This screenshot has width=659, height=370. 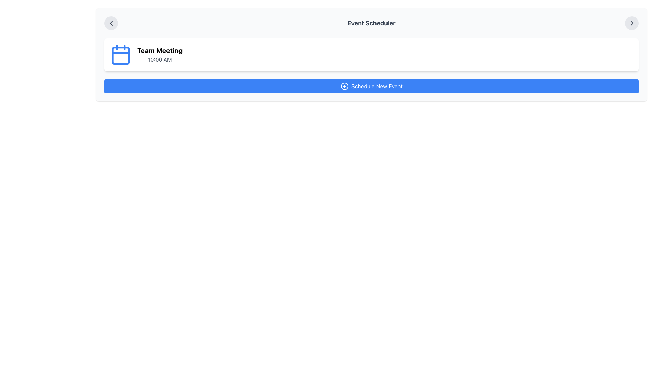 What do you see at coordinates (344, 86) in the screenshot?
I see `the circular icon with a plus symbol located to the left of the 'Schedule New Event' text` at bounding box center [344, 86].